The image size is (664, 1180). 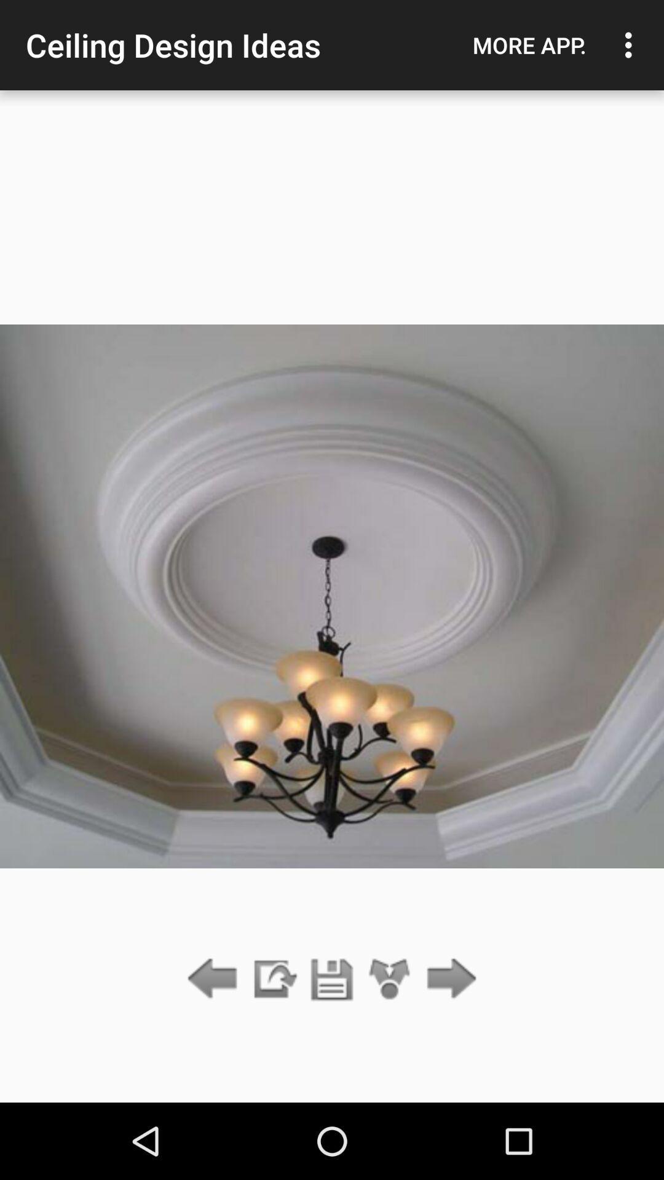 What do you see at coordinates (215, 979) in the screenshot?
I see `go back` at bounding box center [215, 979].